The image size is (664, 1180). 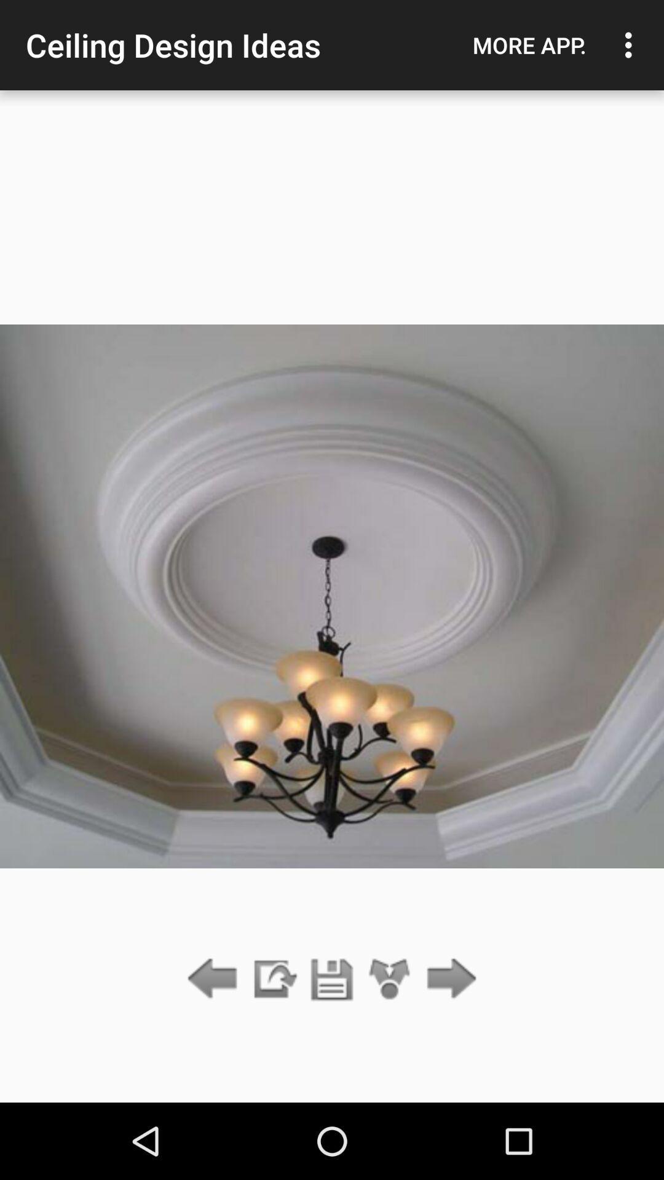 What do you see at coordinates (215, 979) in the screenshot?
I see `go back` at bounding box center [215, 979].